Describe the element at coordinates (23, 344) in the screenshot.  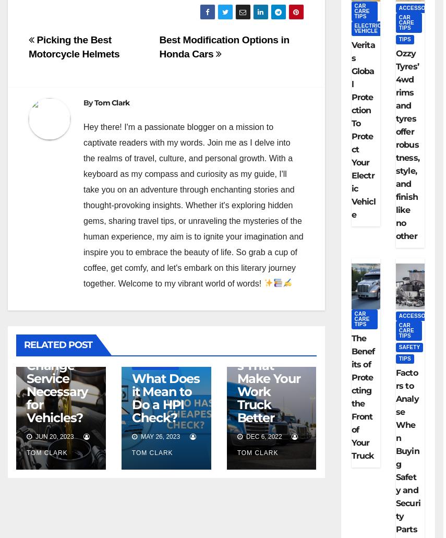
I see `'Related Post'` at that location.